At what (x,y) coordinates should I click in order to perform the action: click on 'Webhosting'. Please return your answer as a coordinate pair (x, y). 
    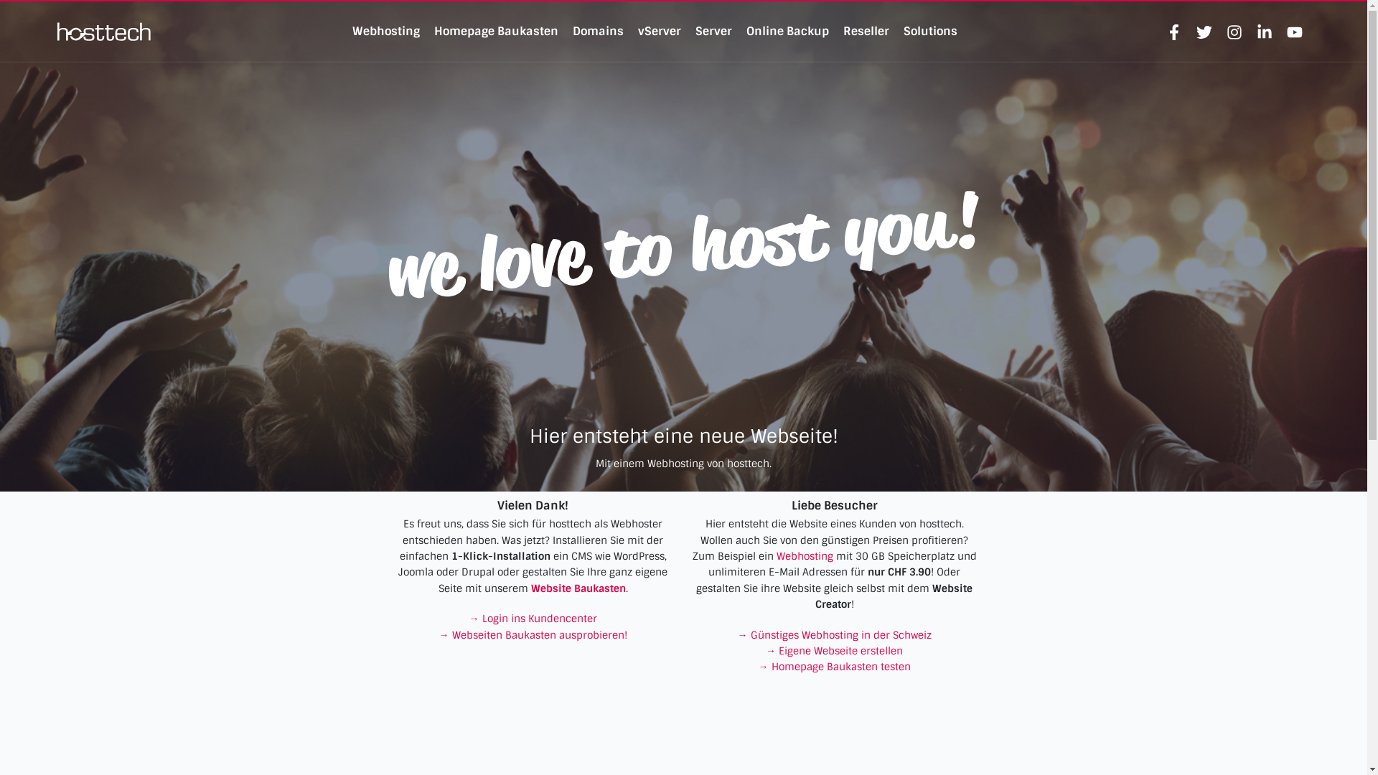
    Looking at the image, I should click on (805, 555).